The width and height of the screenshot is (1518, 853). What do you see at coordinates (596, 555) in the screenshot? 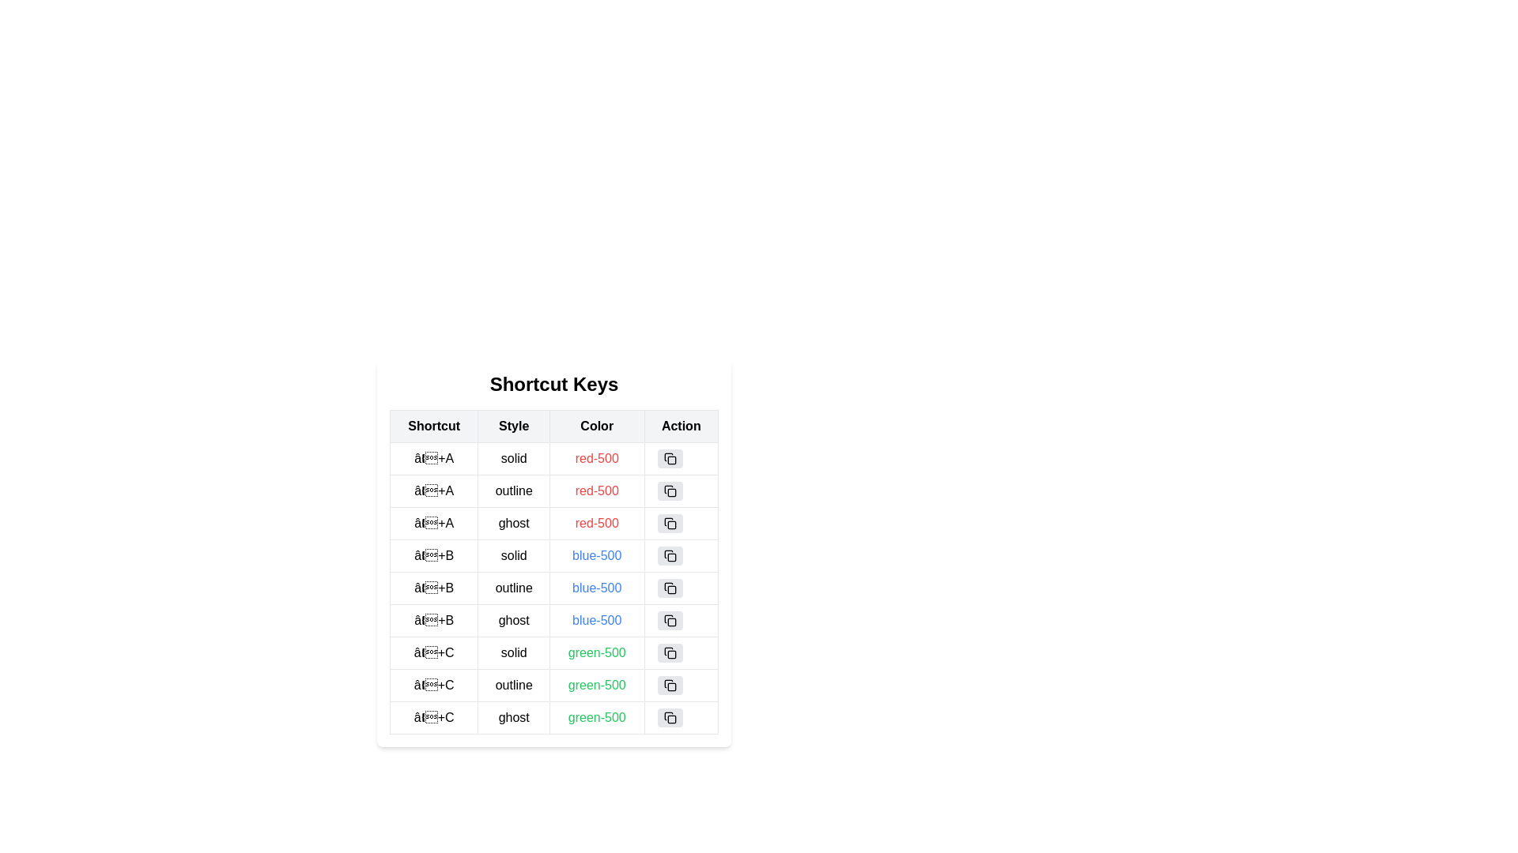
I see `the non-interactive label that displays a color designation located in the third row of the 'Color' column in the table, between the 'Style' column and the 'Action' column` at bounding box center [596, 555].